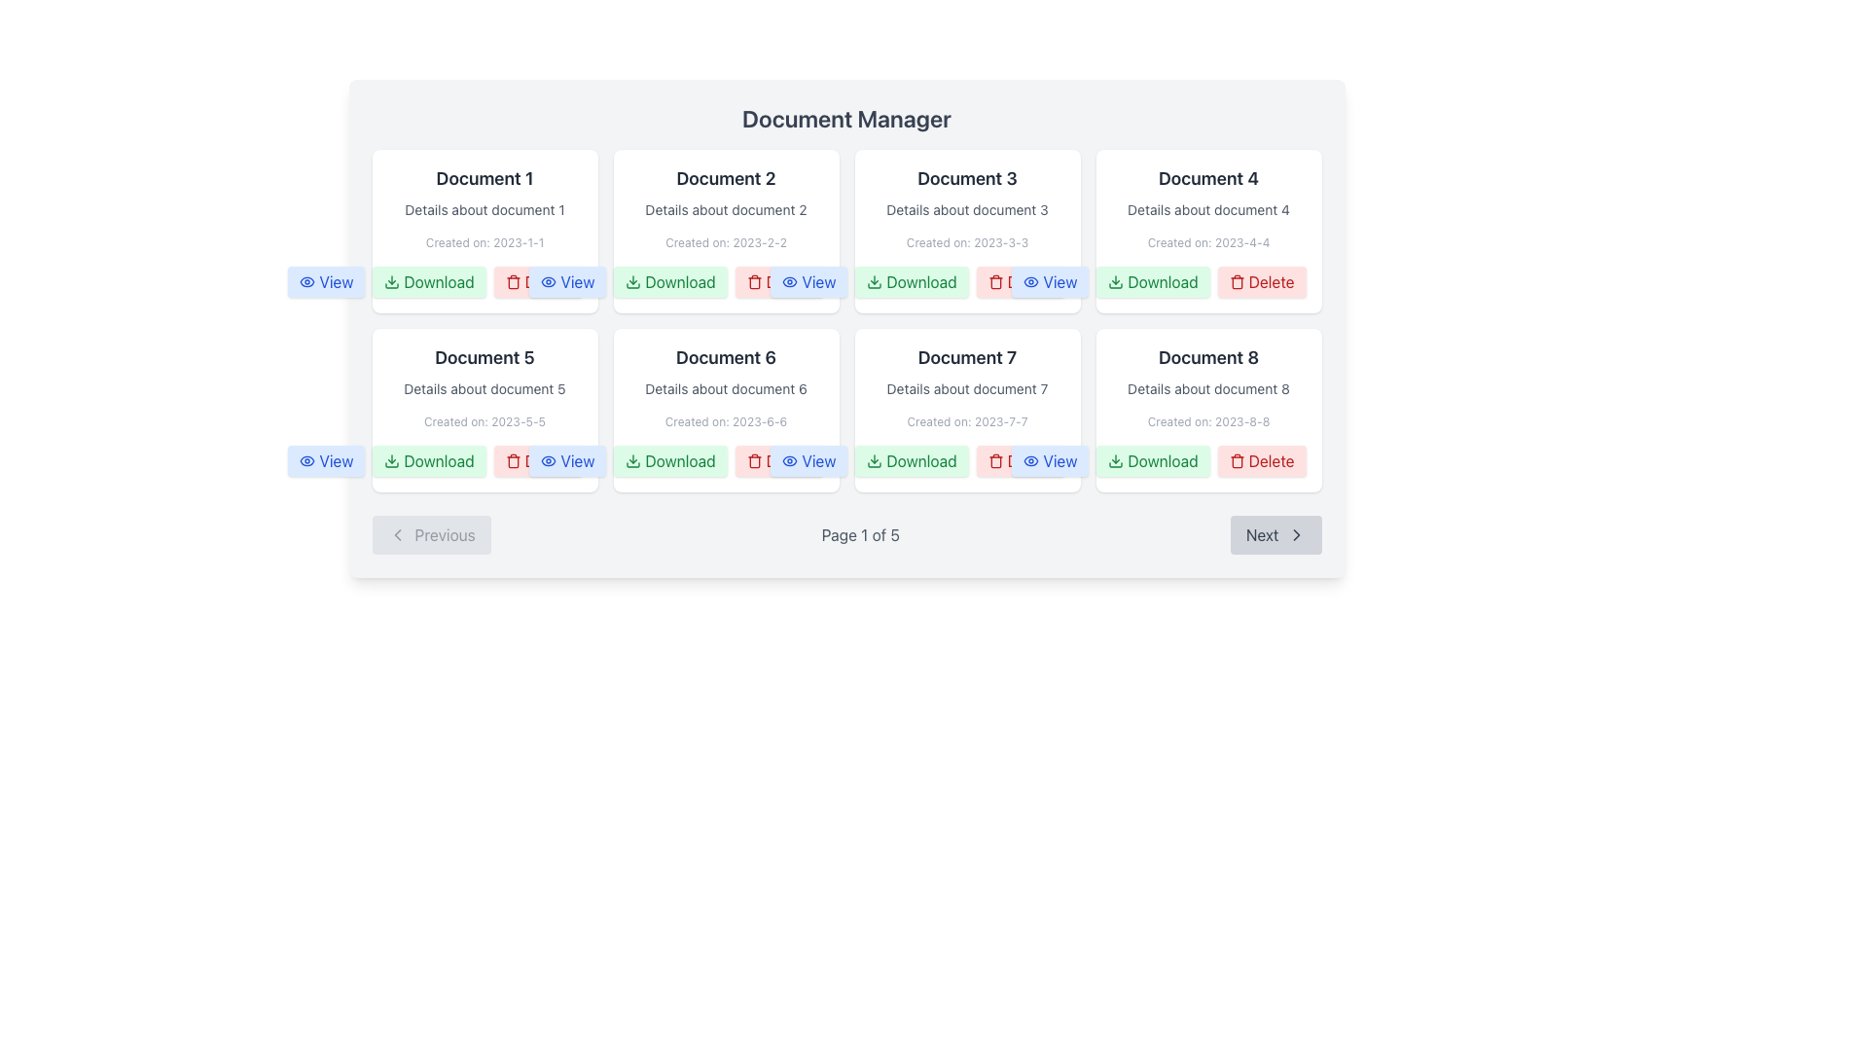 The width and height of the screenshot is (1868, 1051). I want to click on the 'Download' button with a green background and text, located in the second row of the grid layout under 'Document 7', to initiate a download, so click(911, 461).